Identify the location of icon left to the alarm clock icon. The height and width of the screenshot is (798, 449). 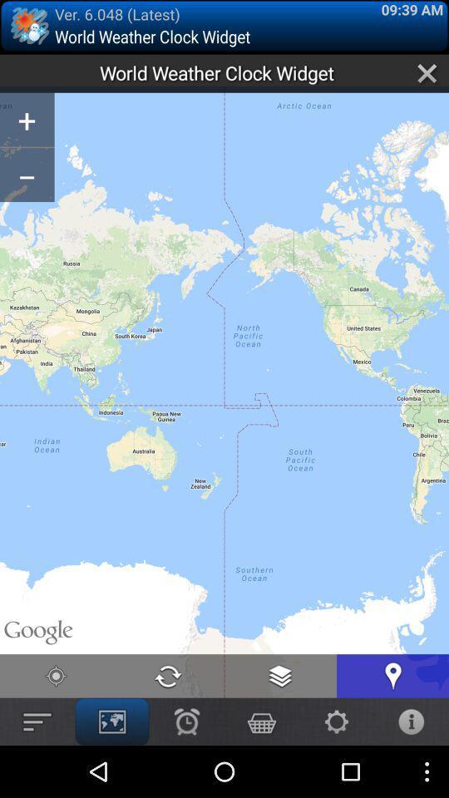
(112, 721).